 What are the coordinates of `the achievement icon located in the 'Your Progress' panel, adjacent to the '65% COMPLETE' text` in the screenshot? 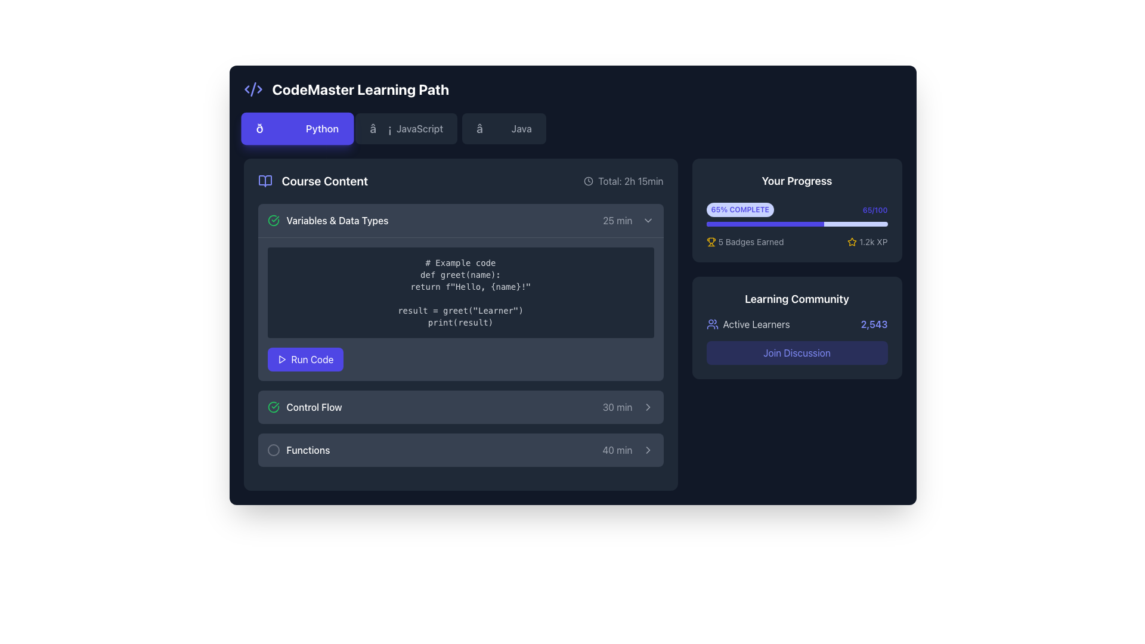 It's located at (711, 240).